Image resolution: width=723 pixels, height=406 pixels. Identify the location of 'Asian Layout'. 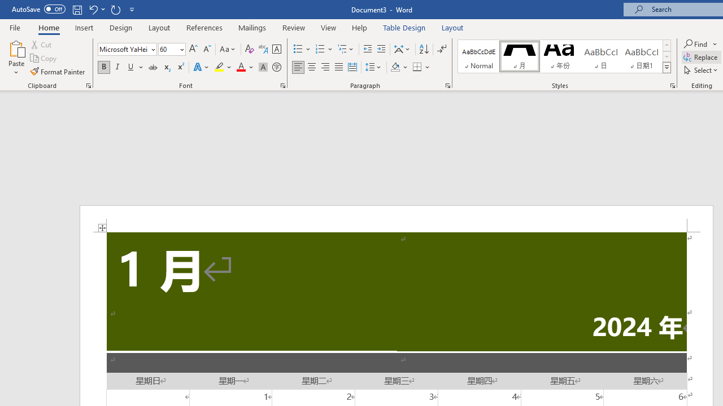
(402, 48).